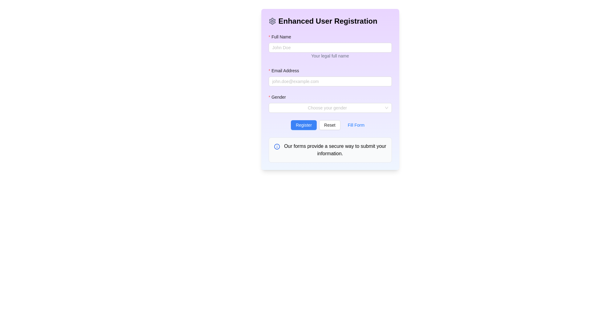  I want to click on the static text label providing guidance for the 'Full Name' field in the Enhanced User Registration form, so click(330, 56).